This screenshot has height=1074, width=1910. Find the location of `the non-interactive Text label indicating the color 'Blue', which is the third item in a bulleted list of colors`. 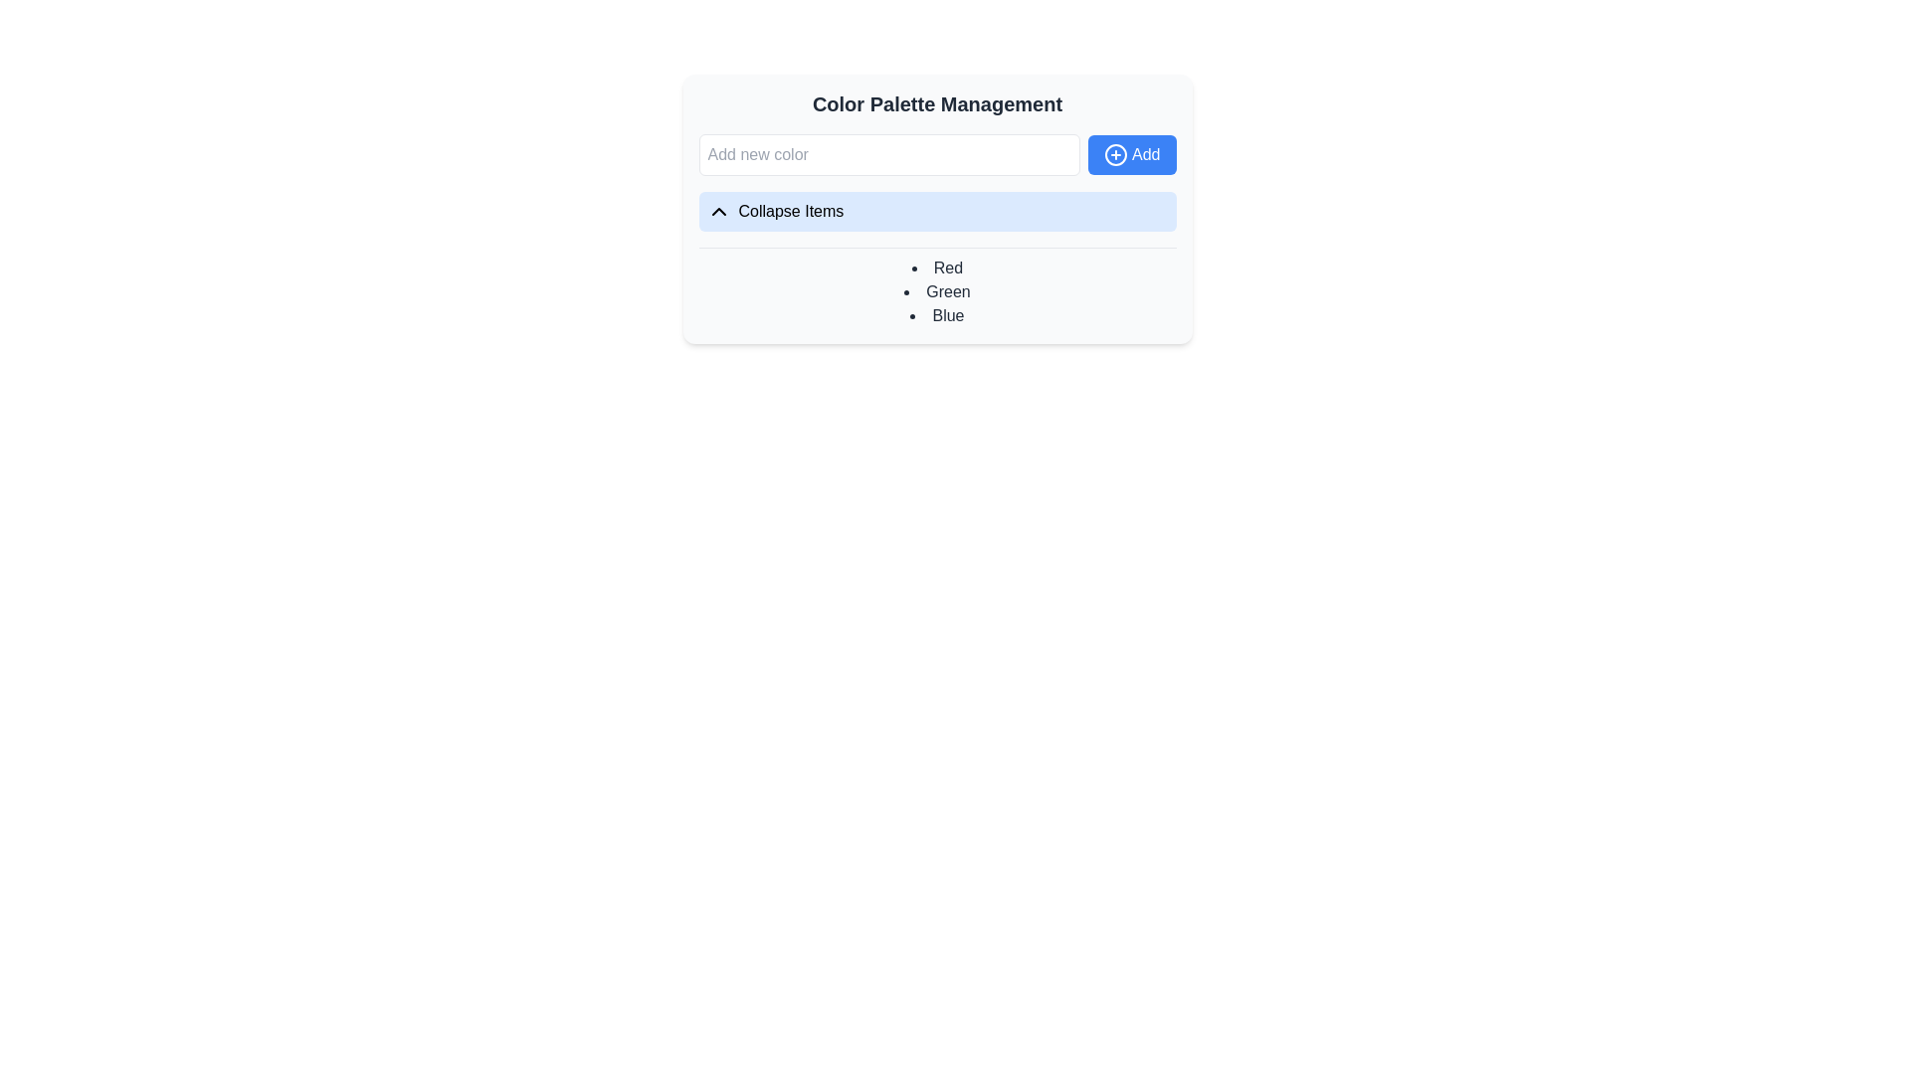

the non-interactive Text label indicating the color 'Blue', which is the third item in a bulleted list of colors is located at coordinates (936, 314).